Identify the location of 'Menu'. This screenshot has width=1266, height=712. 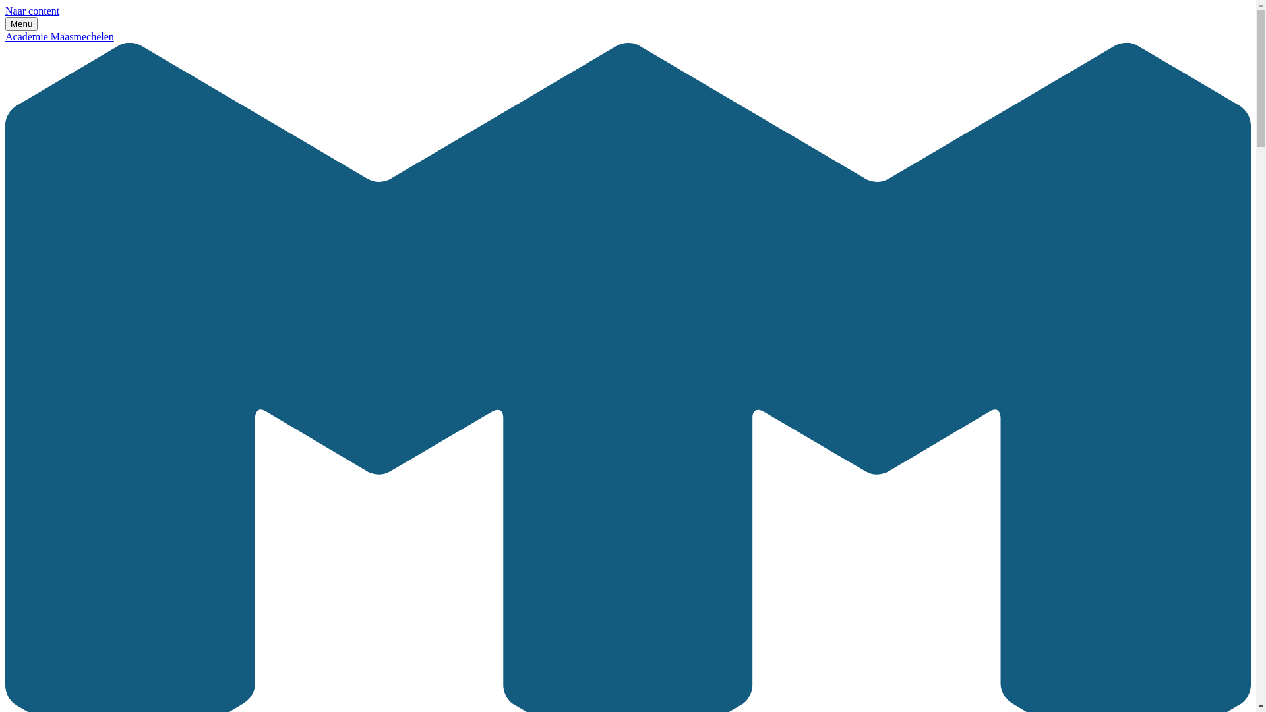
(21, 24).